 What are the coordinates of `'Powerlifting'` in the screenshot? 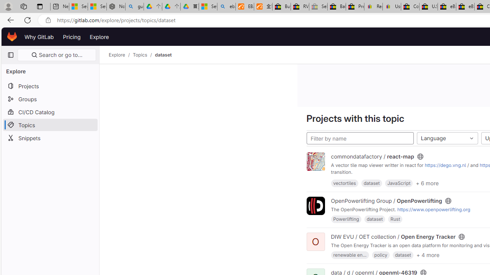 It's located at (346, 219).